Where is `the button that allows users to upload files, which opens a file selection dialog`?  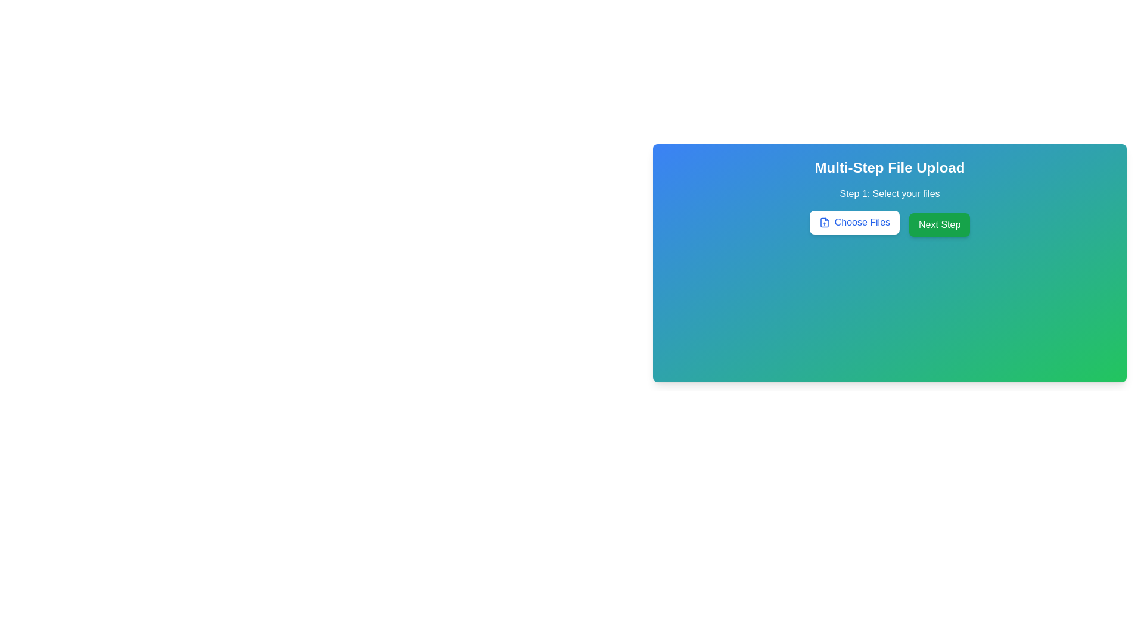
the button that allows users to upload files, which opens a file selection dialog is located at coordinates (854, 223).